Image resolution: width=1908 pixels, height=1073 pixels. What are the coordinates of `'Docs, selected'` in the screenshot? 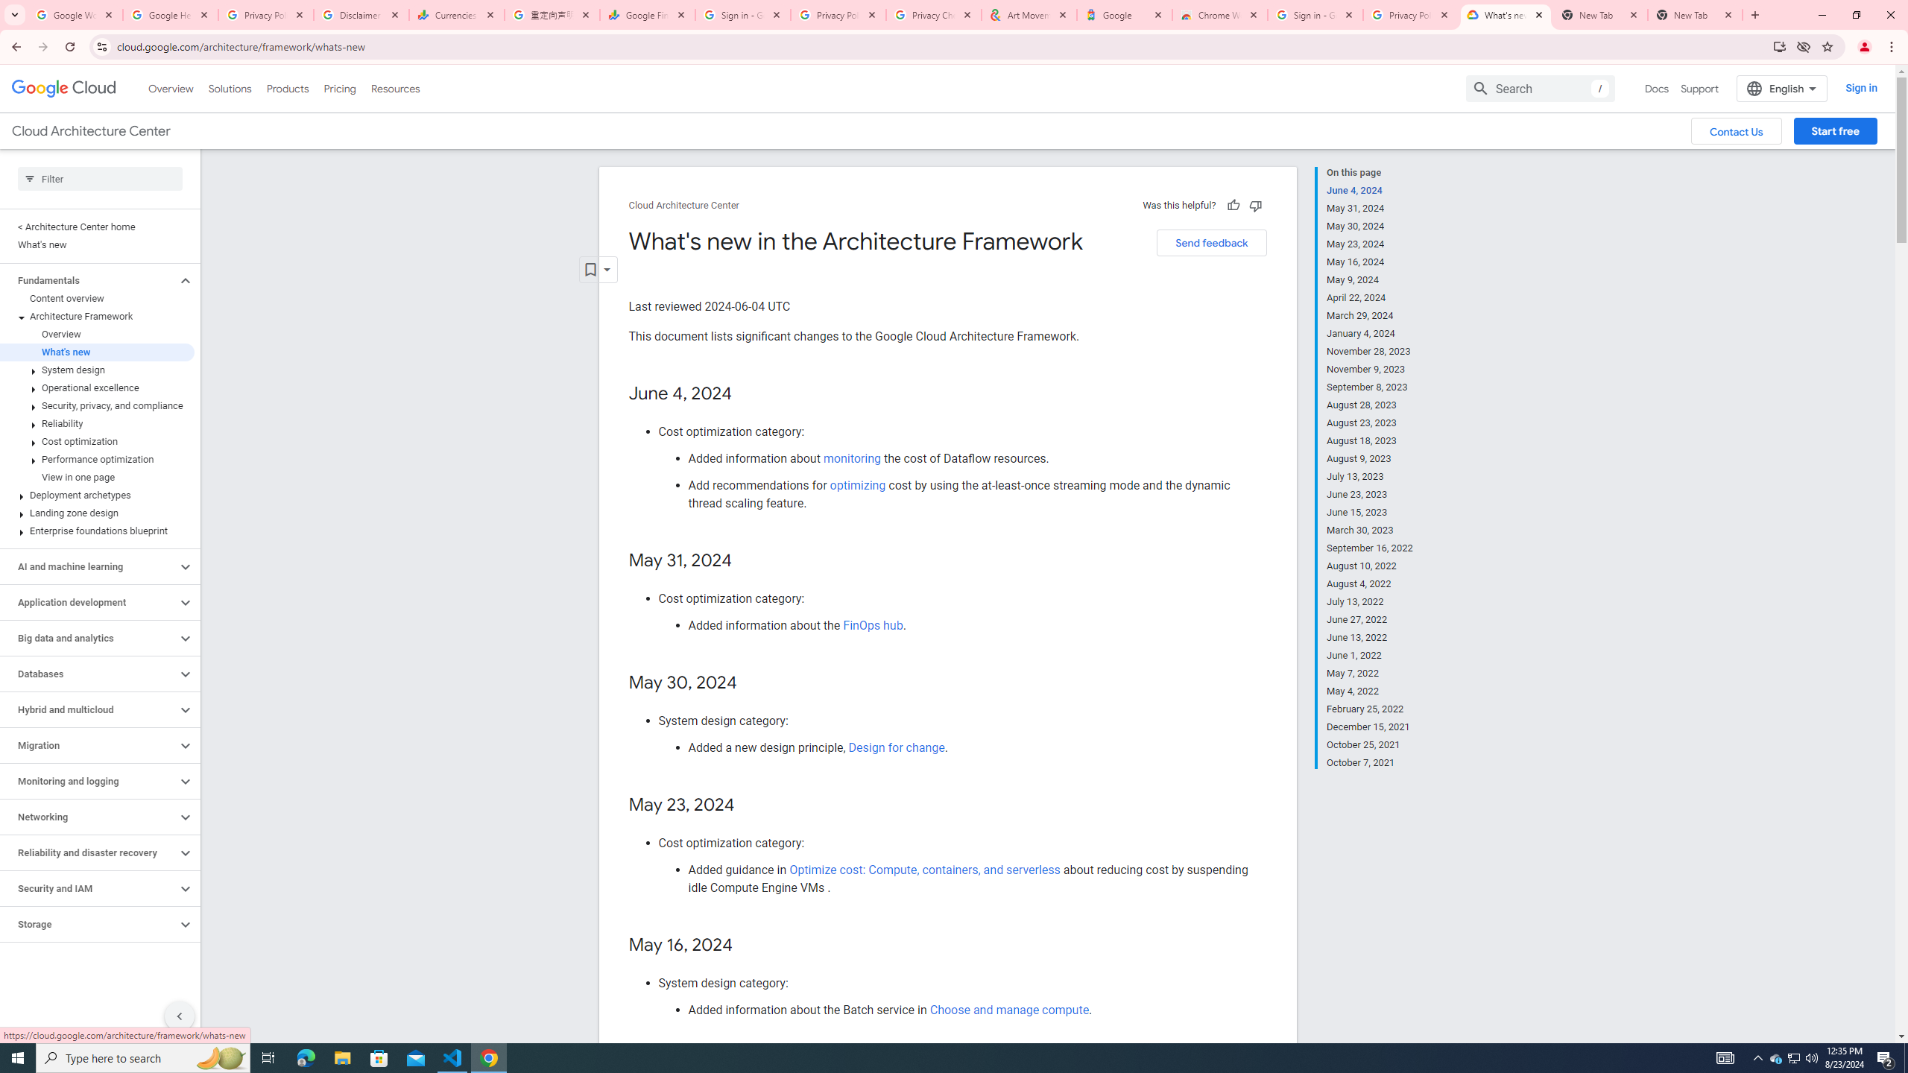 It's located at (1656, 88).